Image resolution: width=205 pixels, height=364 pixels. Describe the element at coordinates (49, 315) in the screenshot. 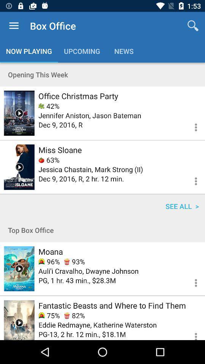

I see `the icon above eddie redmayne katherine icon` at that location.